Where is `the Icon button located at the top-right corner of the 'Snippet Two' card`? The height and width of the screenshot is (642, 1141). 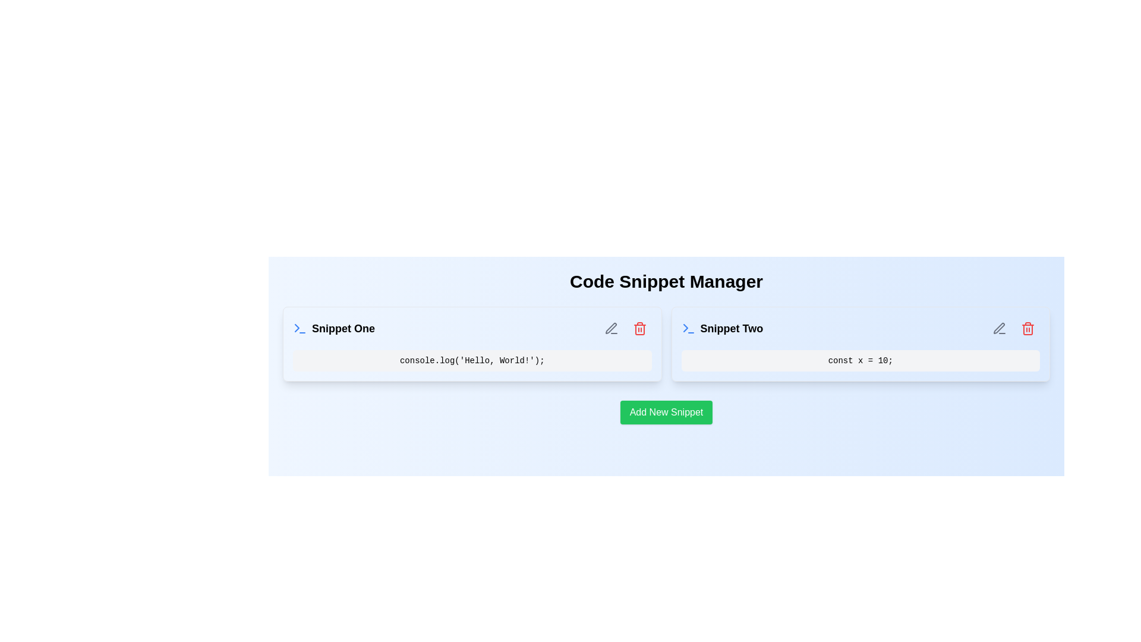
the Icon button located at the top-right corner of the 'Snippet Two' card is located at coordinates (1027, 328).